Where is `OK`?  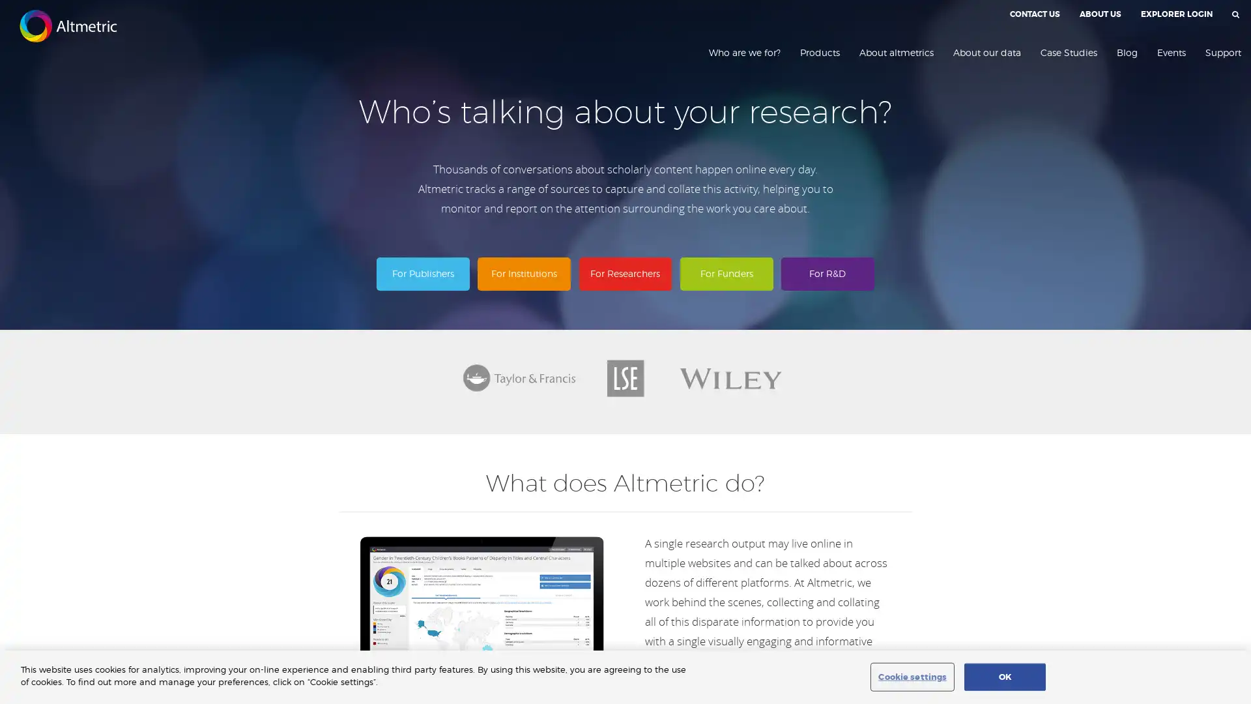
OK is located at coordinates (1004, 675).